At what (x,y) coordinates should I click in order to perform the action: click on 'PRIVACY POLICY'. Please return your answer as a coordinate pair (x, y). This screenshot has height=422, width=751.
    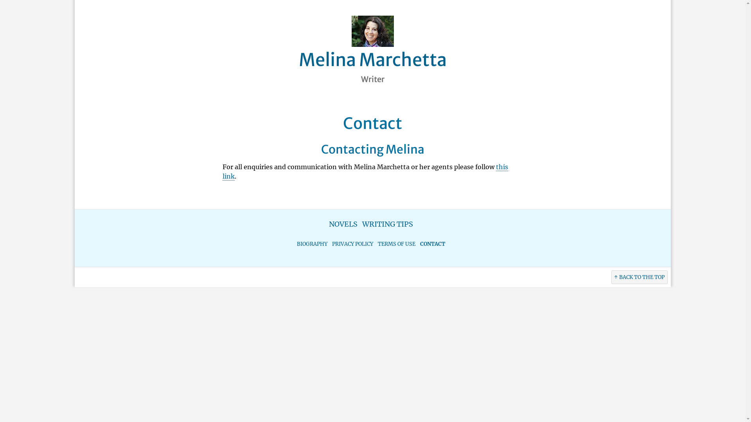
    Looking at the image, I should click on (352, 243).